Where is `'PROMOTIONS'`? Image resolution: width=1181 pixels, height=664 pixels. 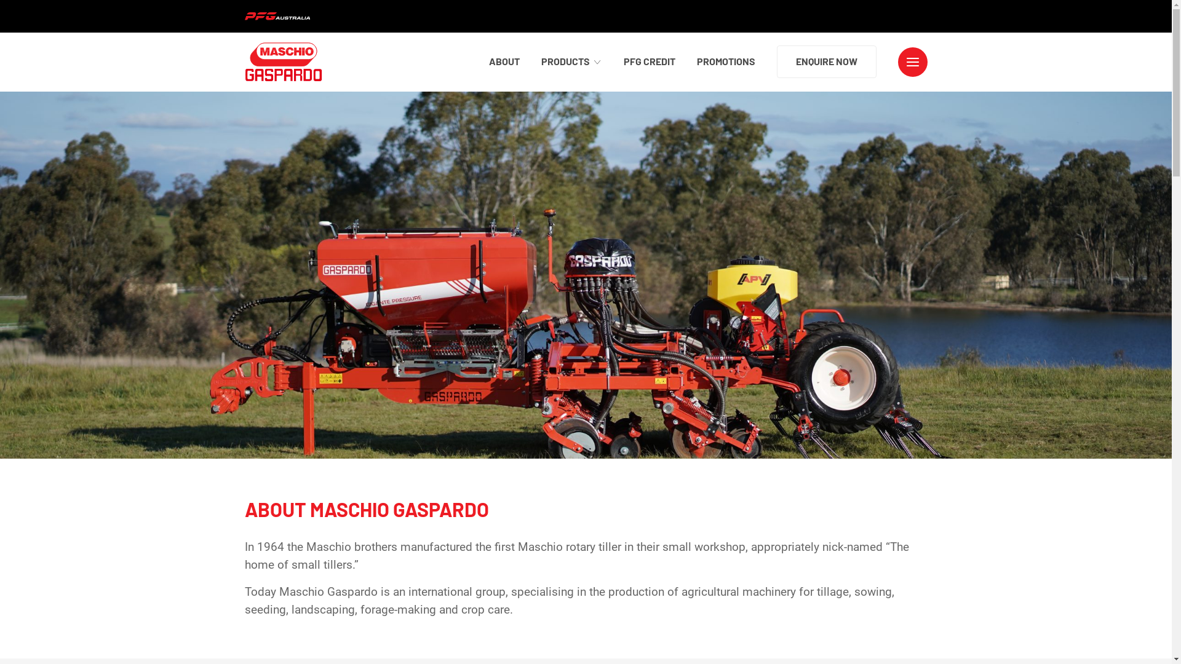 'PROMOTIONS' is located at coordinates (725, 61).